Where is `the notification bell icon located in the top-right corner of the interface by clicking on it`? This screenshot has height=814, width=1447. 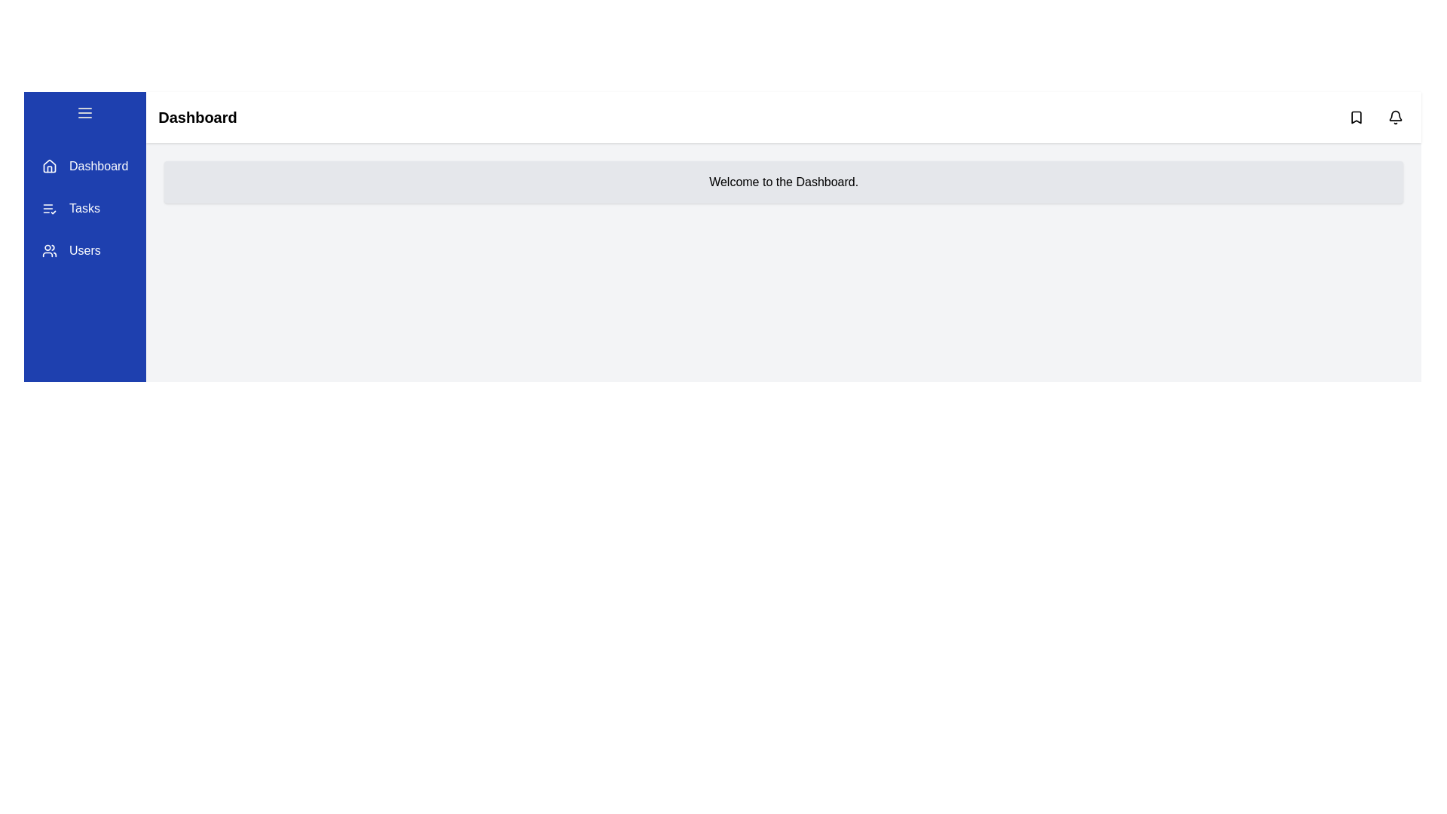
the notification bell icon located in the top-right corner of the interface by clicking on it is located at coordinates (1395, 115).